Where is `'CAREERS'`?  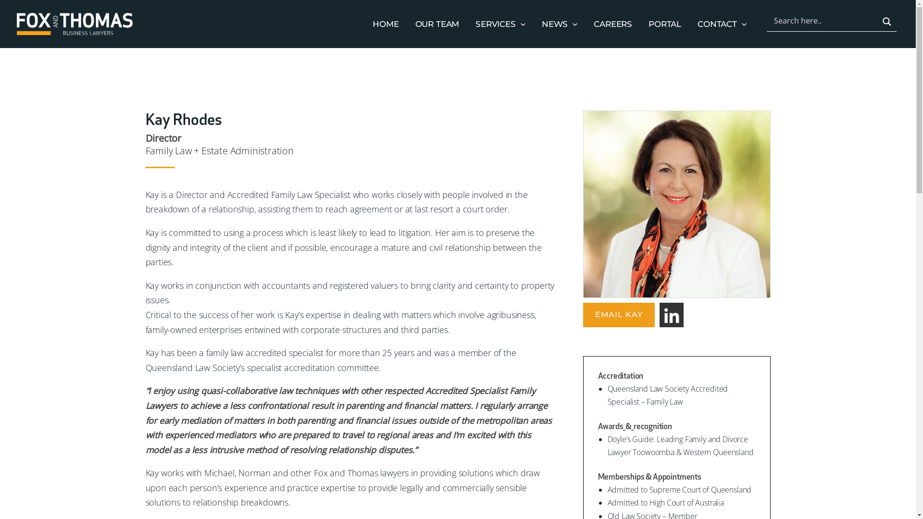
'CAREERS' is located at coordinates (612, 24).